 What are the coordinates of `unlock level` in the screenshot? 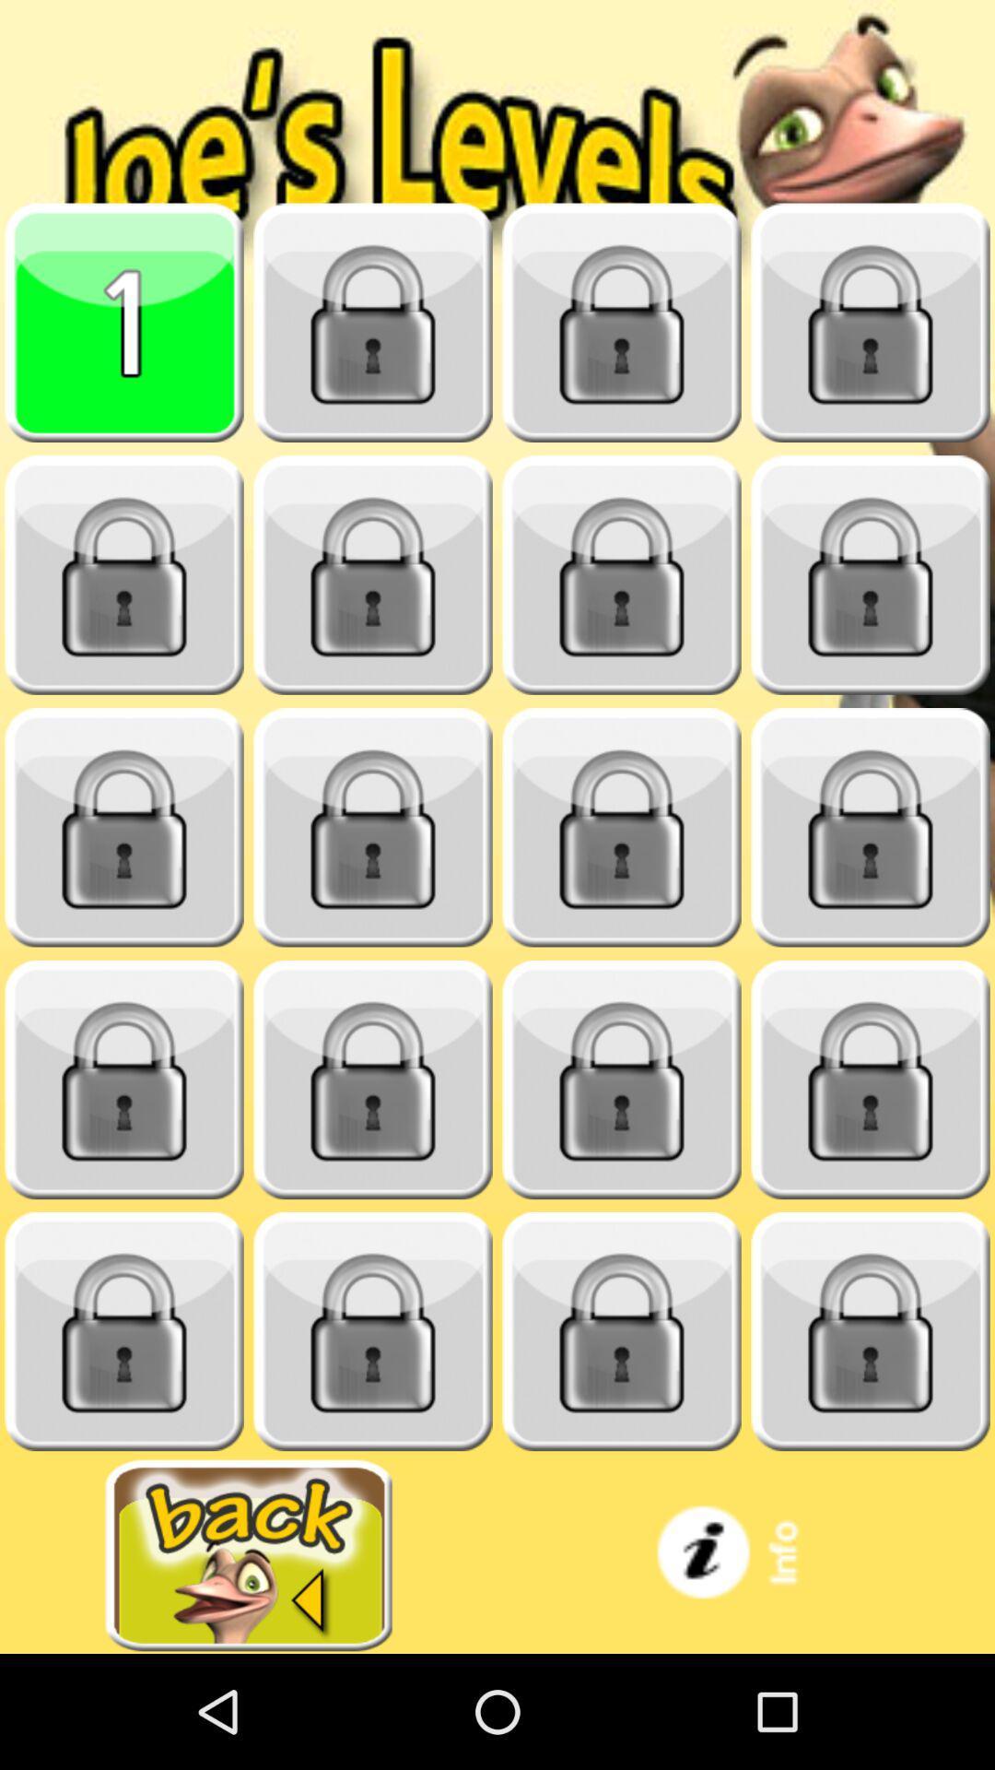 It's located at (622, 827).